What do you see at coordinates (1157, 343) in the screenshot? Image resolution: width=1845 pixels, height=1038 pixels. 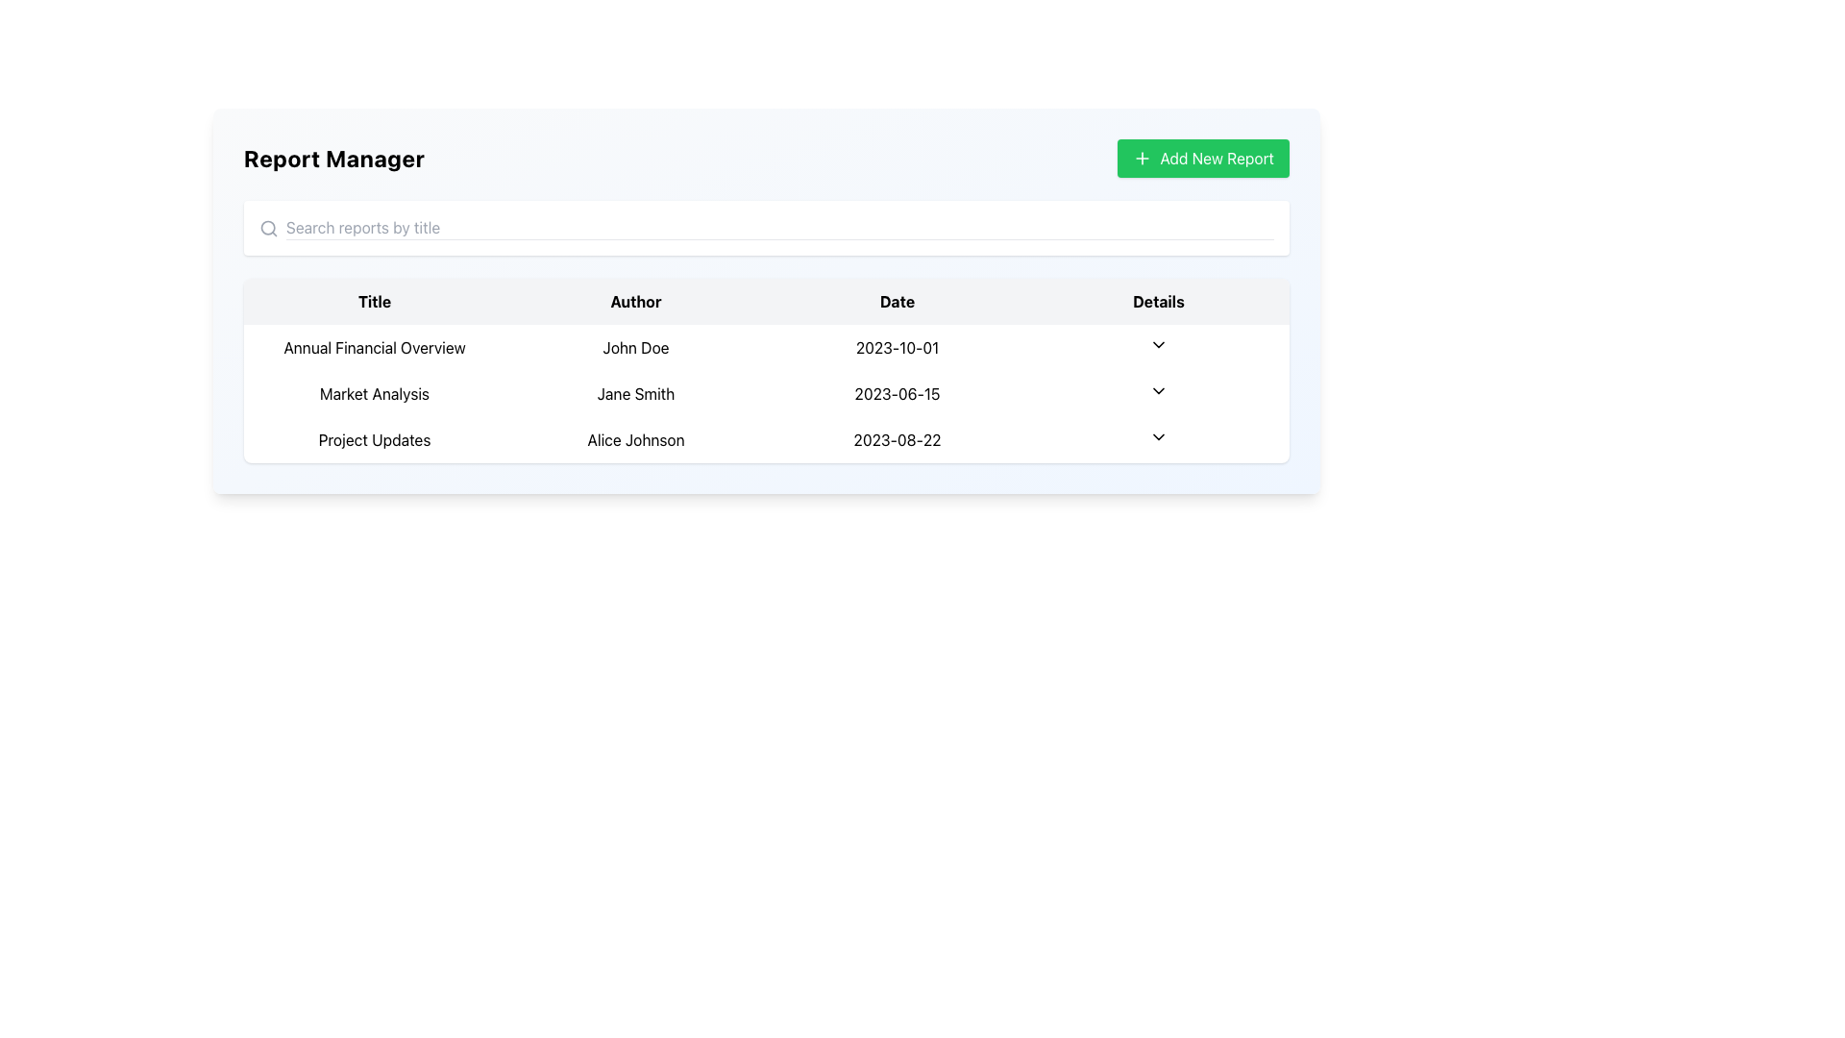 I see `the triangular downward-pointing chevron icon in the 'Details' column of the Report Manager table for the 'Annual Financial Overview' report` at bounding box center [1157, 343].